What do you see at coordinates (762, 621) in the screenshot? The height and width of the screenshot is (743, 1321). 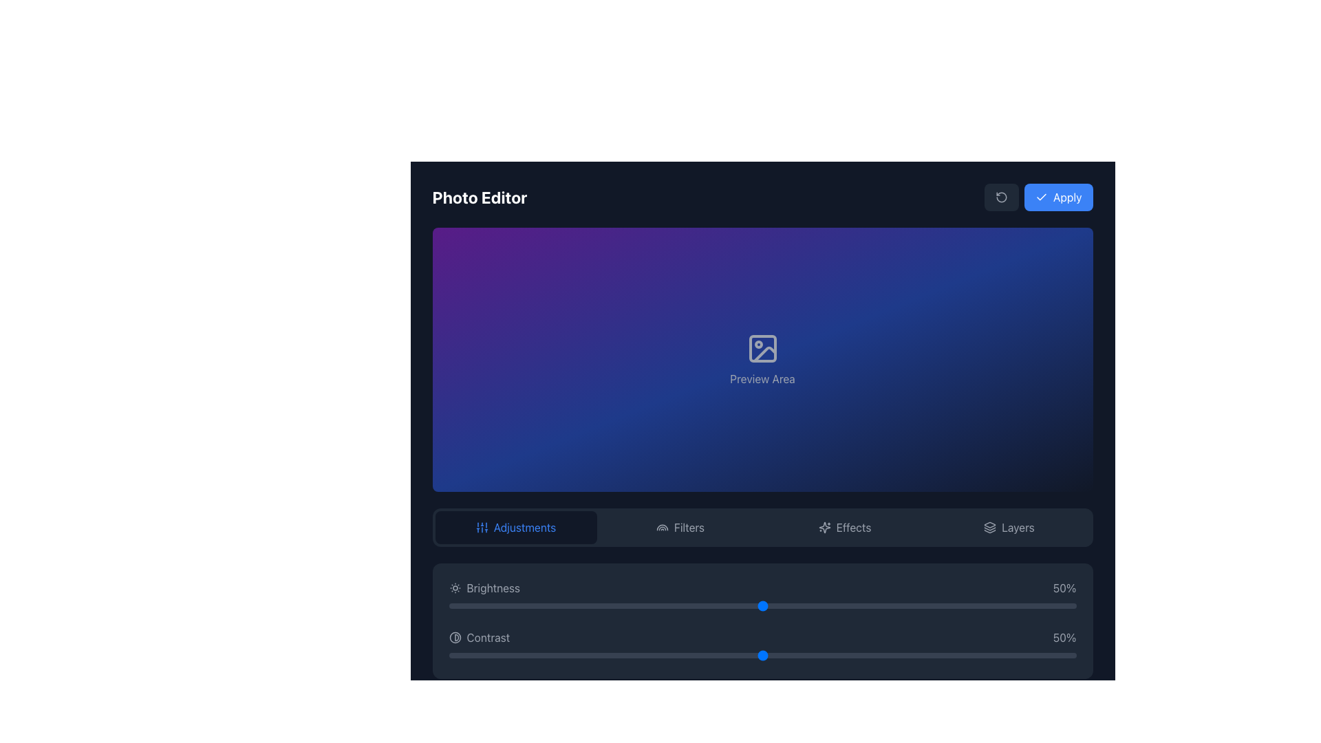 I see `the brightness and contrast sliders in the Control panel located below the toolbar for adjustments` at bounding box center [762, 621].